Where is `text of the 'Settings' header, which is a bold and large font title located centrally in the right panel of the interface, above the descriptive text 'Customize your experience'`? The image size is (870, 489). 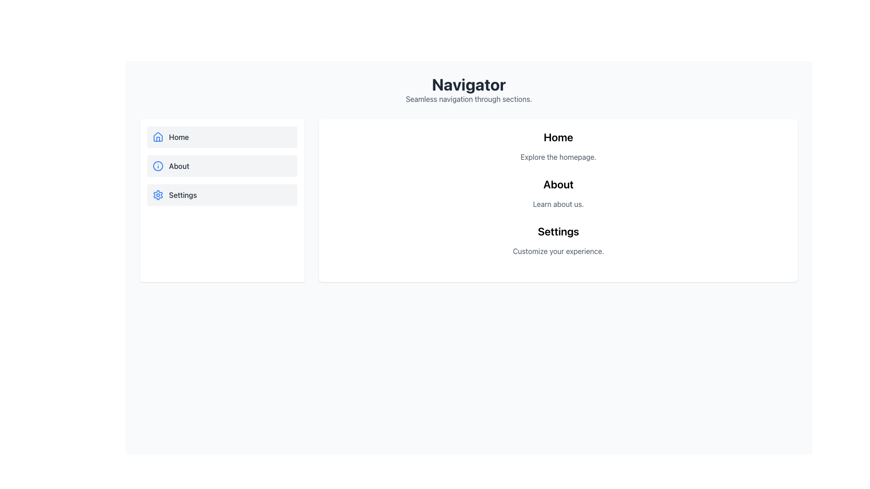 text of the 'Settings' header, which is a bold and large font title located centrally in the right panel of the interface, above the descriptive text 'Customize your experience' is located at coordinates (558, 230).